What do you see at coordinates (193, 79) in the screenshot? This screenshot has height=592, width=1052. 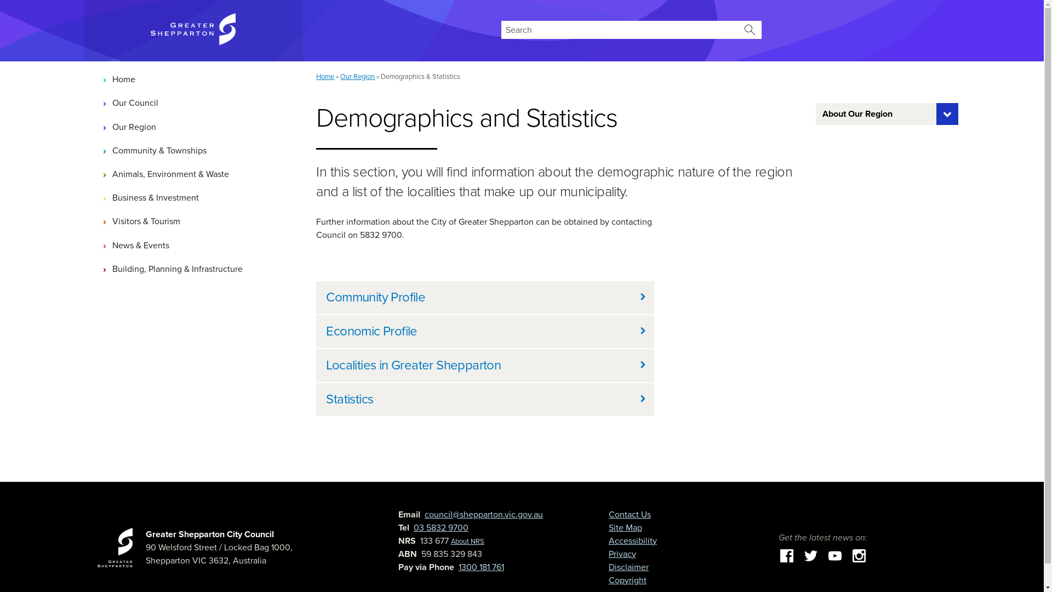 I see `'Home'` at bounding box center [193, 79].